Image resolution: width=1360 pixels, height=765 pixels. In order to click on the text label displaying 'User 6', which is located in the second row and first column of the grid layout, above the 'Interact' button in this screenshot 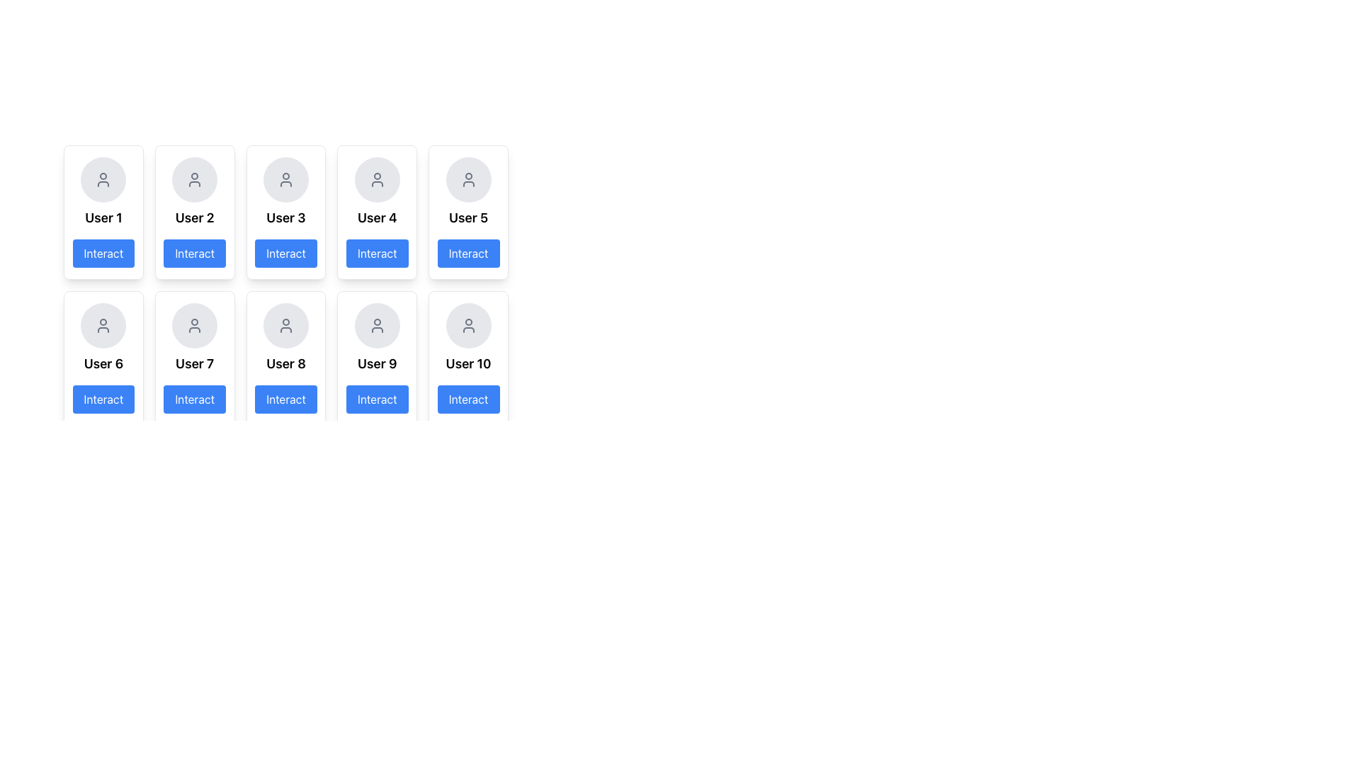, I will do `click(103, 363)`.